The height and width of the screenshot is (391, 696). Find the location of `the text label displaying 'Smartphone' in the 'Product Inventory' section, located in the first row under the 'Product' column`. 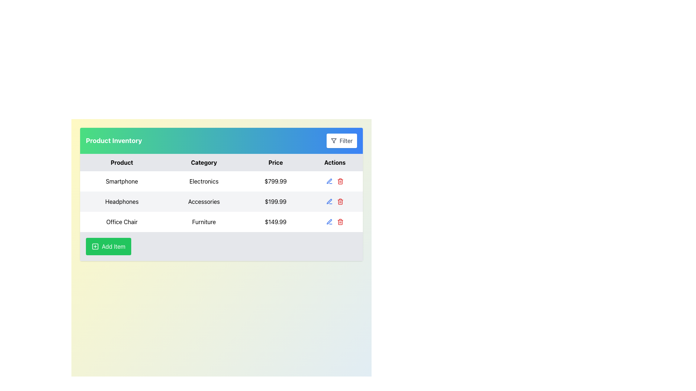

the text label displaying 'Smartphone' in the 'Product Inventory' section, located in the first row under the 'Product' column is located at coordinates (122, 181).